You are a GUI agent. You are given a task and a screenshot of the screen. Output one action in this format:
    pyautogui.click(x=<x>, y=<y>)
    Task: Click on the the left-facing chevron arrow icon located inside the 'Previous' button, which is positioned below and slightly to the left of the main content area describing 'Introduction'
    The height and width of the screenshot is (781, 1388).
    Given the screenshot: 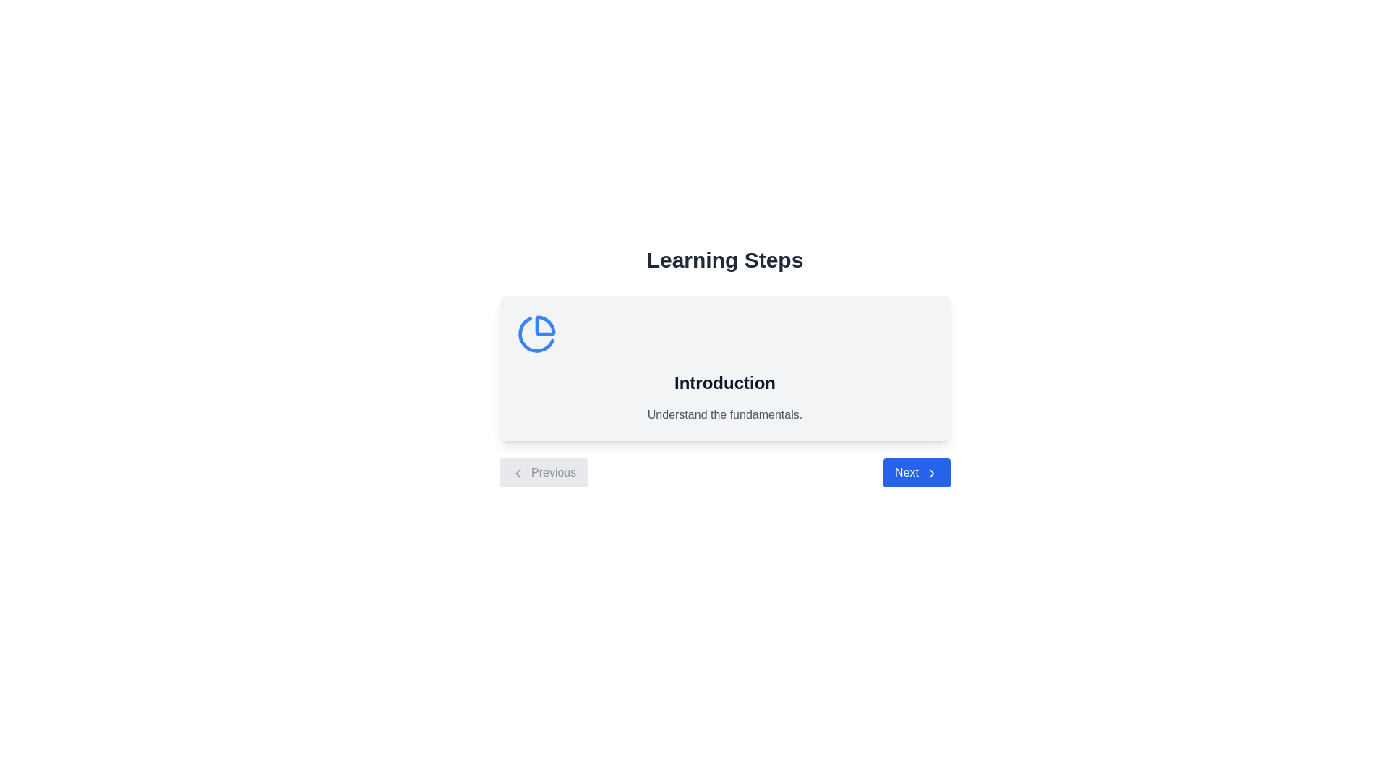 What is the action you would take?
    pyautogui.click(x=518, y=473)
    